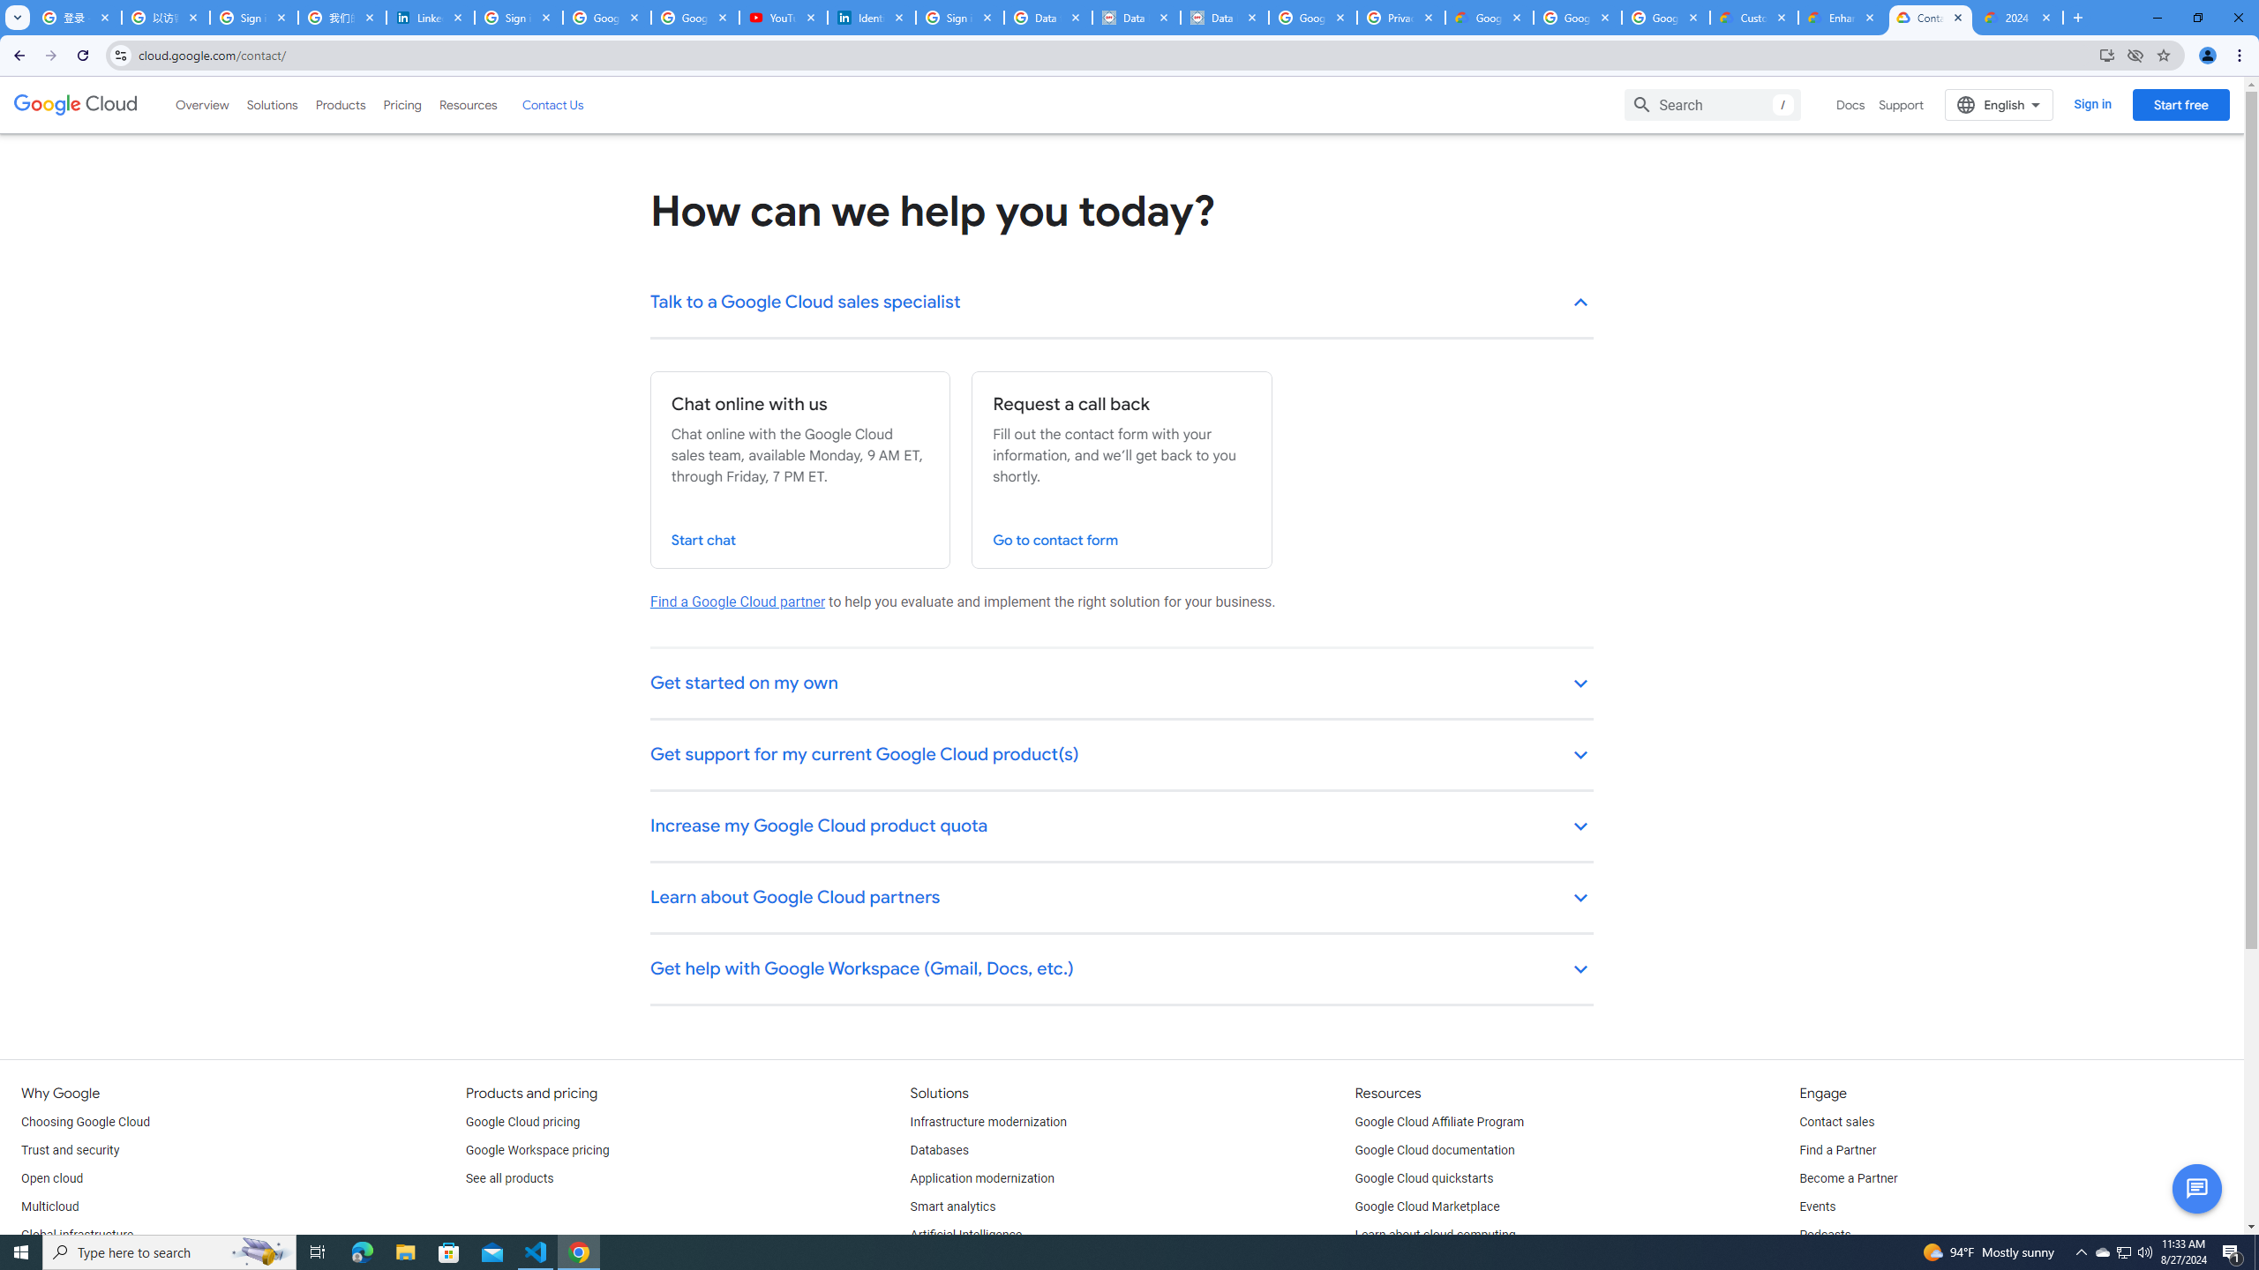 This screenshot has width=2259, height=1270. I want to click on 'Events', so click(1816, 1206).